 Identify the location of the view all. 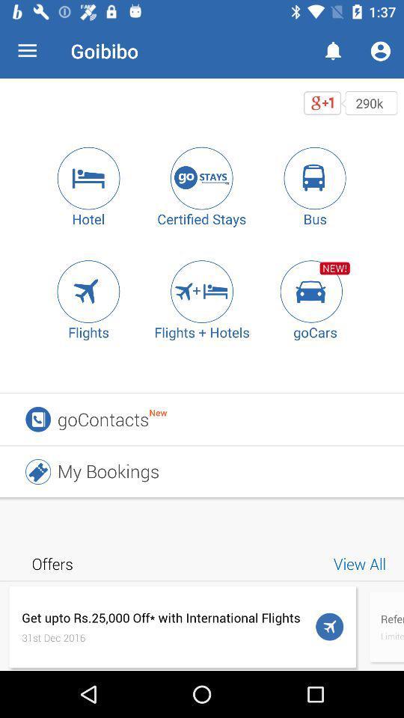
(361, 562).